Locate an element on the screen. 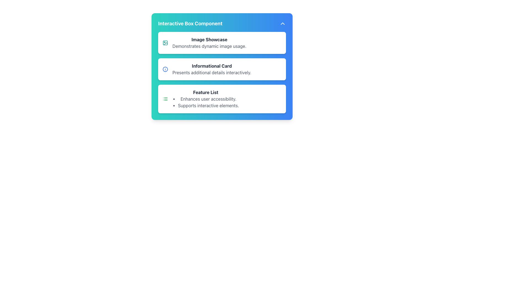  the informational icon located to the left of the text 'Informational Card' within the second card of the vertical stack is located at coordinates (165, 69).